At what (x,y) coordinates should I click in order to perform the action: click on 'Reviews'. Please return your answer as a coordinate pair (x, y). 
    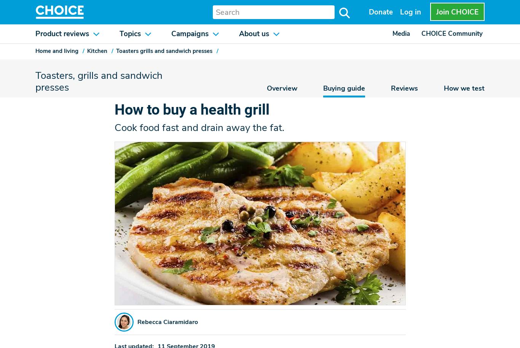
    Looking at the image, I should click on (390, 87).